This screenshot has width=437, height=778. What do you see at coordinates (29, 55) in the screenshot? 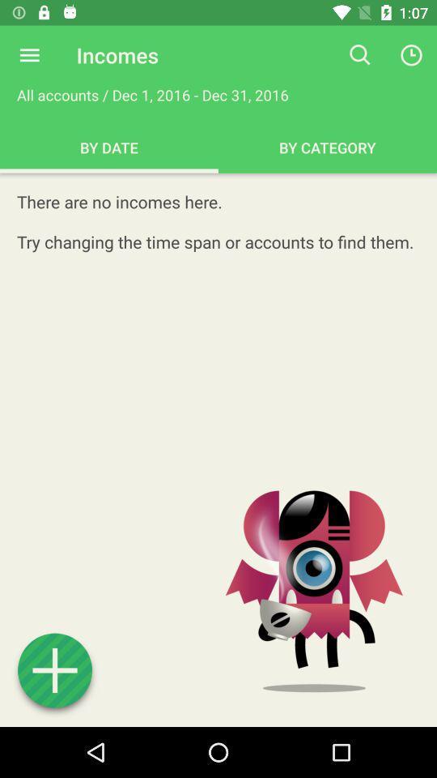
I see `the item to the left of the incomes` at bounding box center [29, 55].